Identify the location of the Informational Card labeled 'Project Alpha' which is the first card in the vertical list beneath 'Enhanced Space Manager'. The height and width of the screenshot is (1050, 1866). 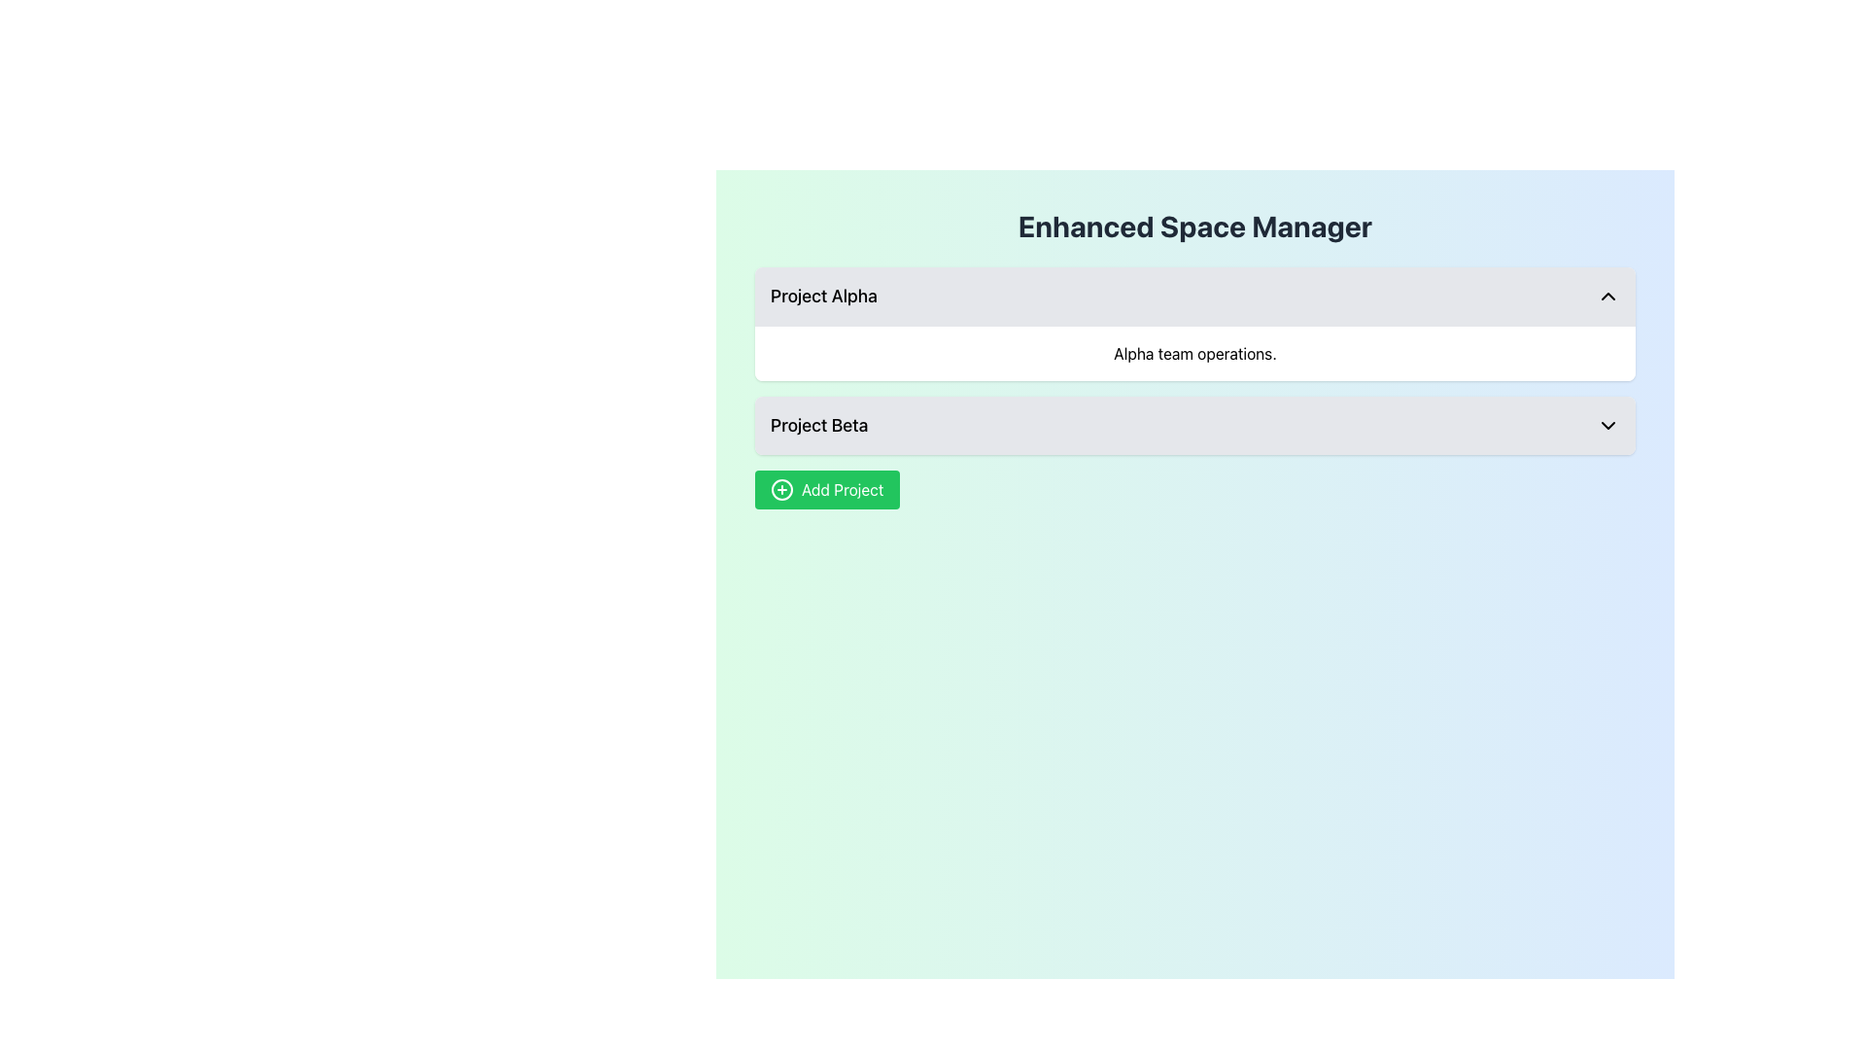
(1193, 323).